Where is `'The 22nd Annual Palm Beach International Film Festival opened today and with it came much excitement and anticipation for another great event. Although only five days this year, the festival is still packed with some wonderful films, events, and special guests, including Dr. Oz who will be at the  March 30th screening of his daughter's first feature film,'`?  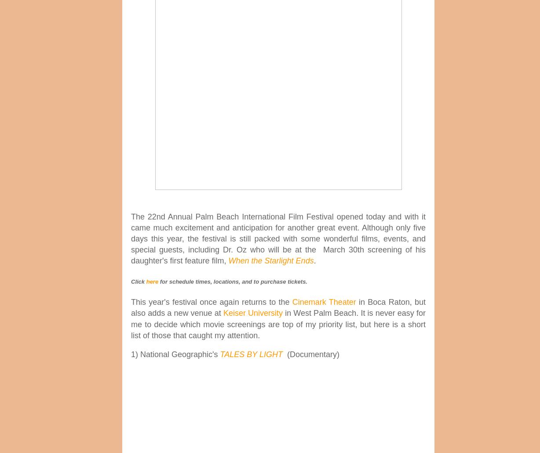 'The 22nd Annual Palm Beach International Film Festival opened today and with it came much excitement and anticipation for another great event. Although only five days this year, the festival is still packed with some wonderful films, events, and special guests, including Dr. Oz who will be at the  March 30th screening of his daughter's first feature film,' is located at coordinates (278, 238).